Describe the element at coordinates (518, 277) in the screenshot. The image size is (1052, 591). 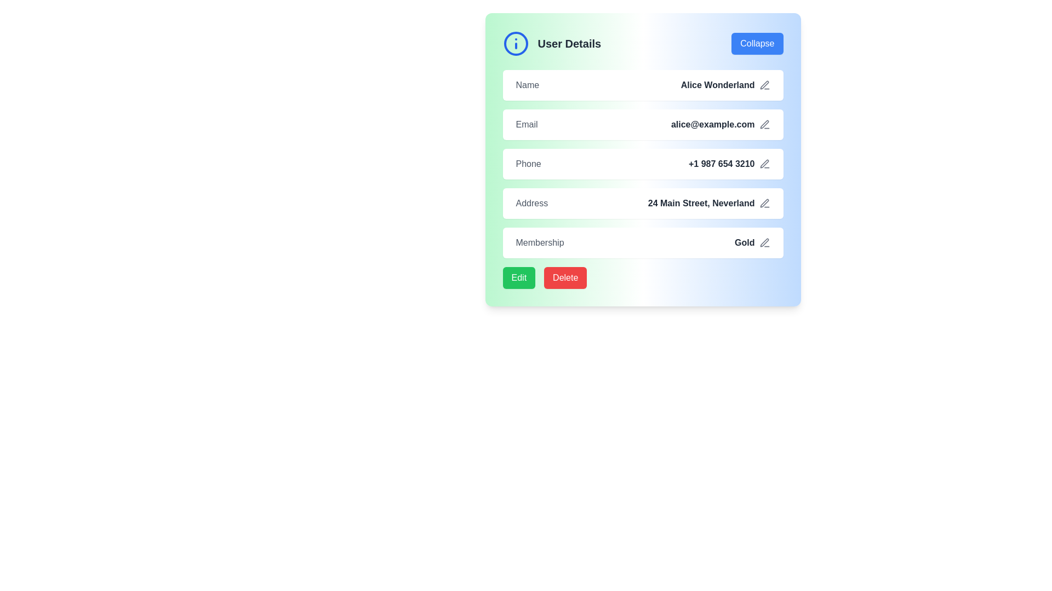
I see `the green 'Edit' button with white text located at the bottom-left of the user details panel to change its background color` at that location.